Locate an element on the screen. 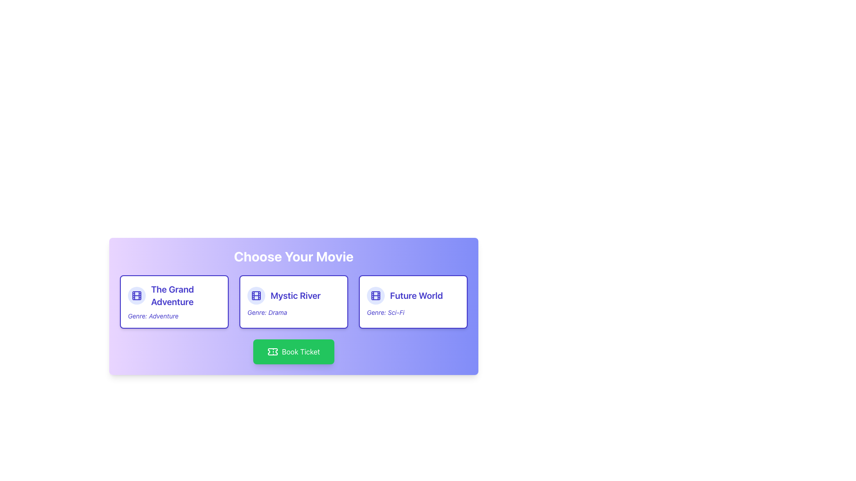 The image size is (856, 481). the title text block indicating the name of the associated movie, which is centrally positioned within the first card of a grid layout, located above the 'Genre: Adventure' text is located at coordinates (185, 295).